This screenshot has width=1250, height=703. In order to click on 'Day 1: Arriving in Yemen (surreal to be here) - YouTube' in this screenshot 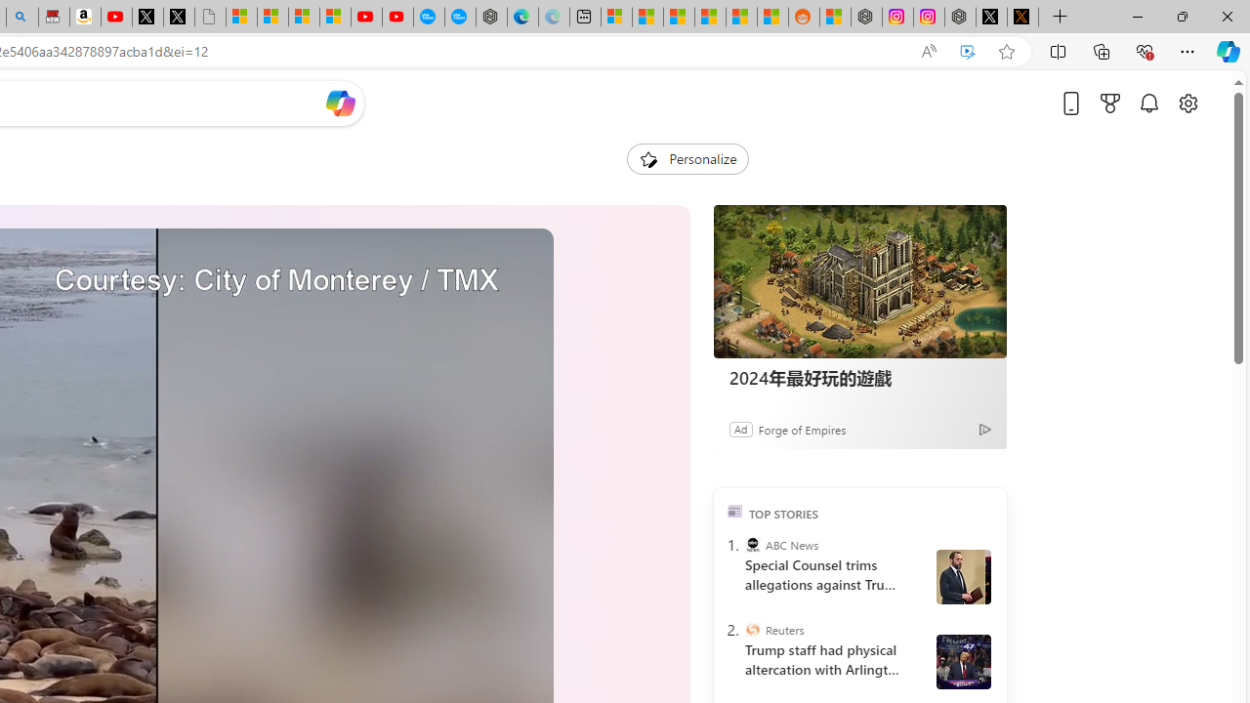, I will do `click(115, 17)`.